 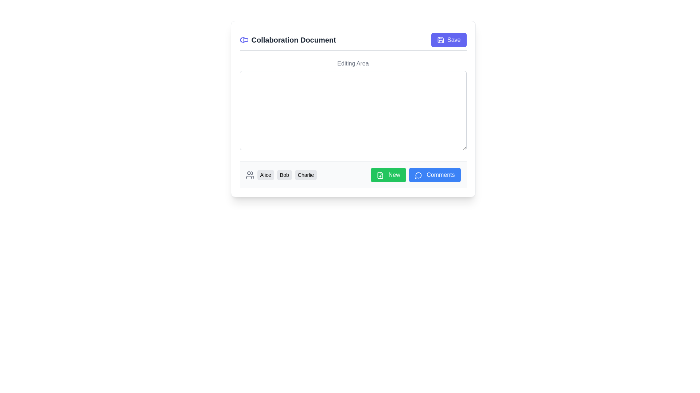 I want to click on the circular speech bubble icon with a blue outline located to the left of the 'Comments' text in the button, so click(x=418, y=175).